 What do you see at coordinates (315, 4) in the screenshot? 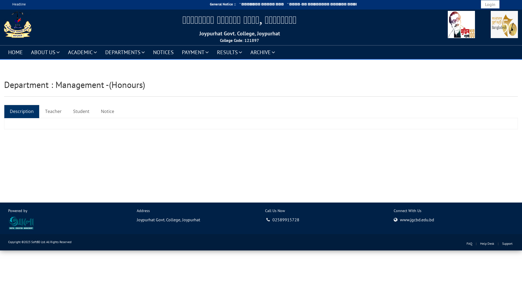
I see `'Departmental Notice ::'` at bounding box center [315, 4].